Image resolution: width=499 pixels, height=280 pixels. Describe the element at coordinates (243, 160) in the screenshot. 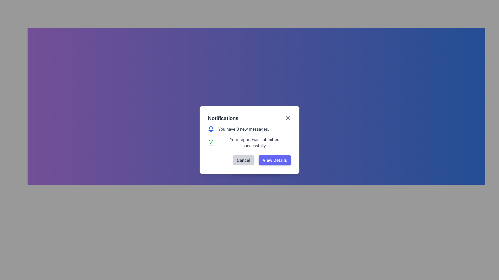

I see `the 'Cancel' button` at that location.